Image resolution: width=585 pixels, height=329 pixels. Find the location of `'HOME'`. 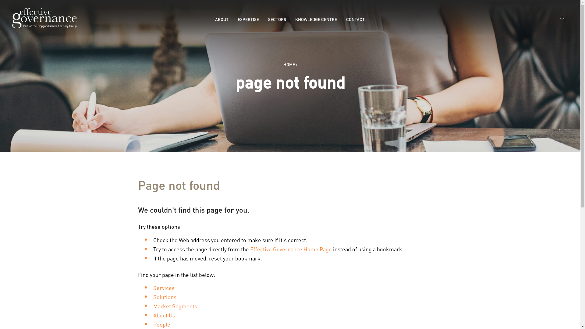

'HOME' is located at coordinates (283, 64).